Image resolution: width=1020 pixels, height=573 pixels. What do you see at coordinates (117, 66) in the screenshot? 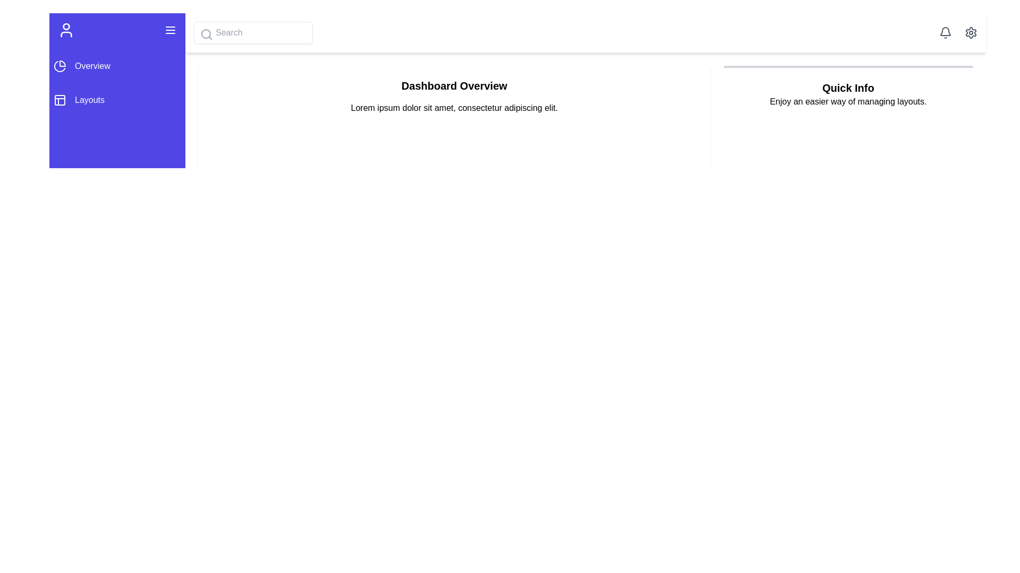
I see `the first menu item in the sidebar navigation menu that redirects to the 'Overview' section to observe hover effects` at bounding box center [117, 66].